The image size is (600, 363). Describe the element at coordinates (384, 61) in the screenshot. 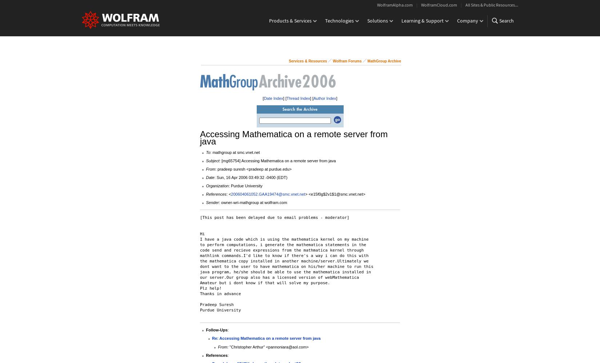

I see `'MathGroup Archive'` at that location.